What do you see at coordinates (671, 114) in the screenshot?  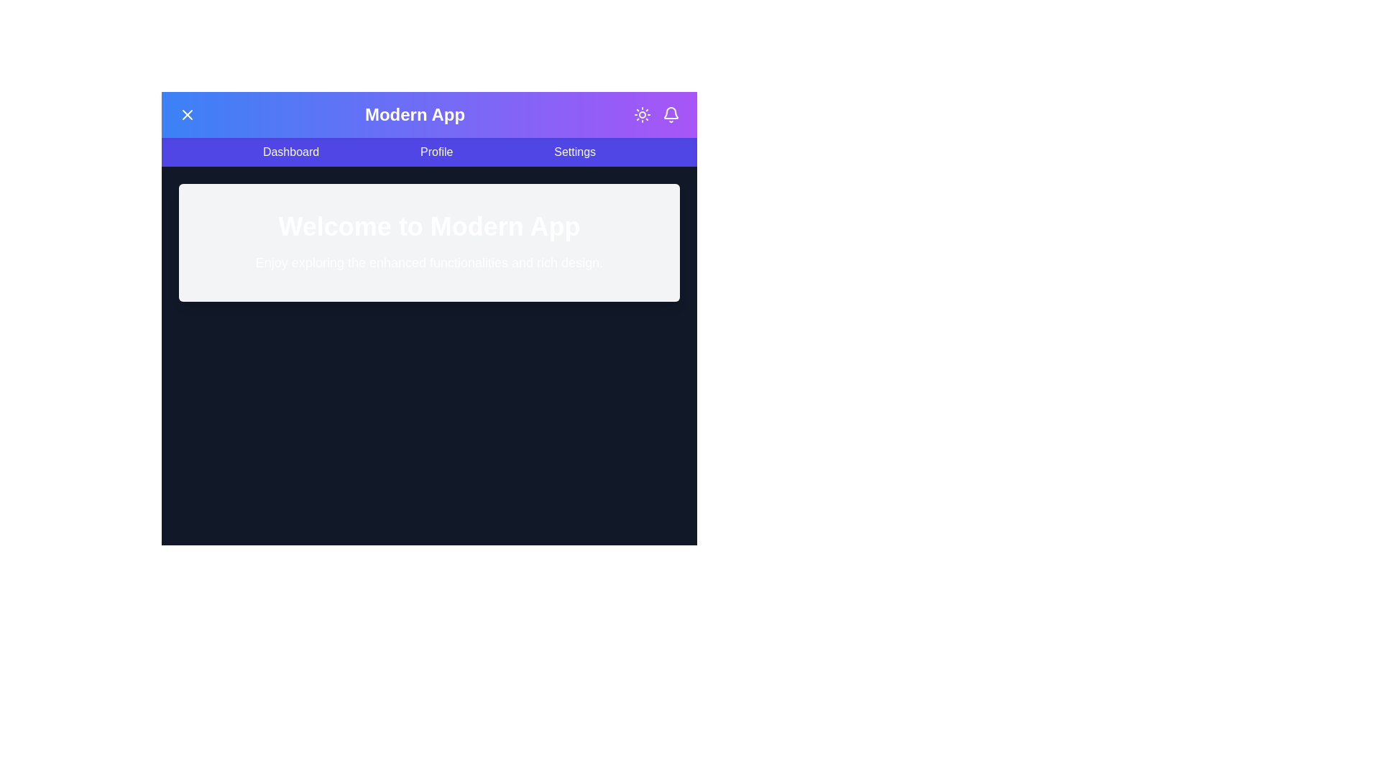 I see `the notification bell icon` at bounding box center [671, 114].